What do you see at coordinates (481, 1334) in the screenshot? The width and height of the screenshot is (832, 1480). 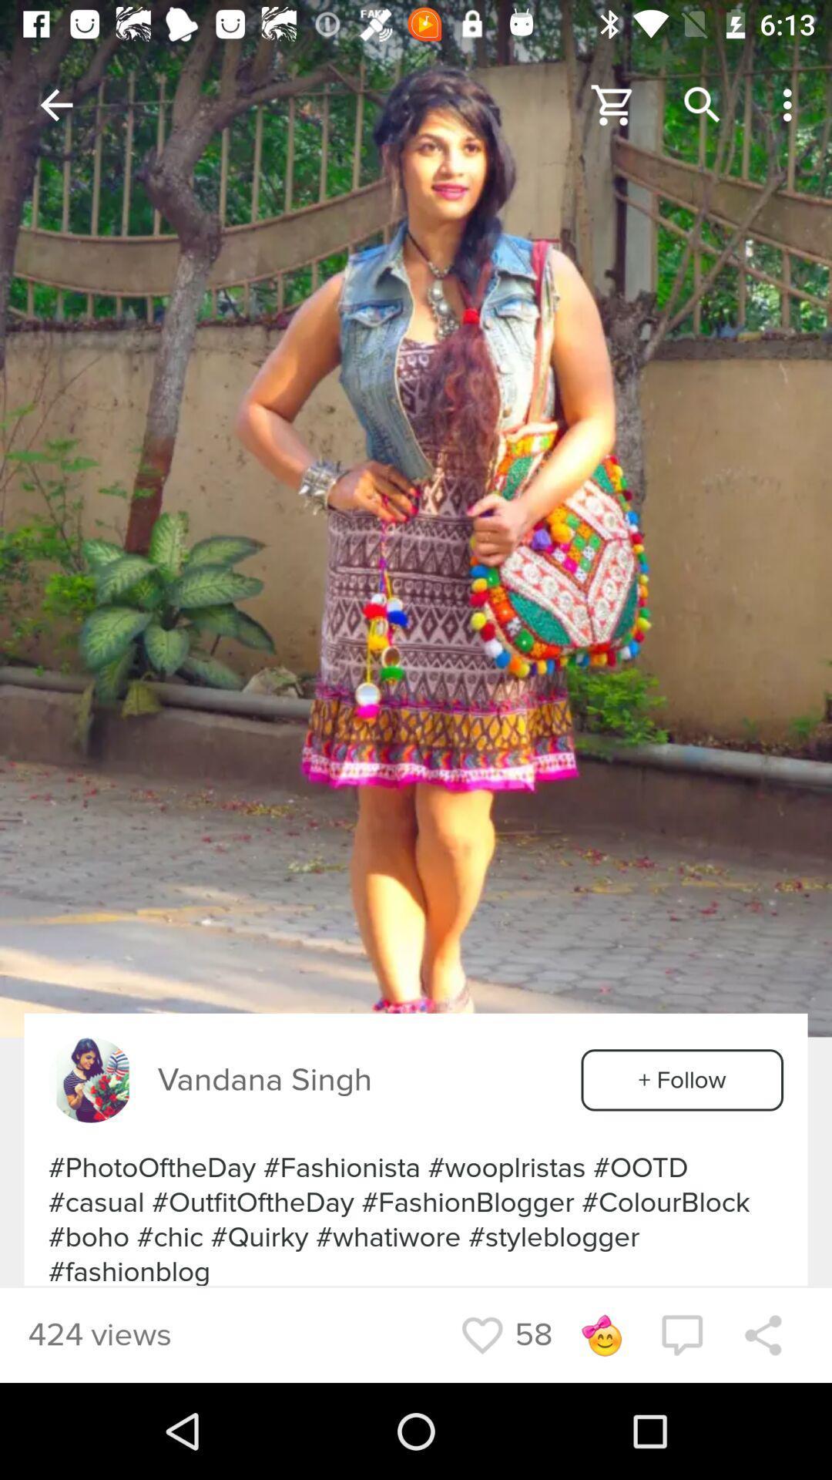 I see `the favorite icon` at bounding box center [481, 1334].